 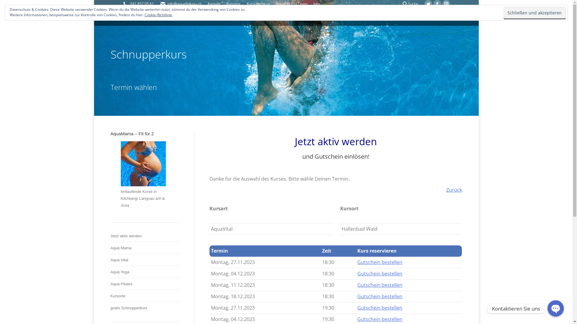 I want to click on 'Aqua Yoga', so click(x=120, y=272).